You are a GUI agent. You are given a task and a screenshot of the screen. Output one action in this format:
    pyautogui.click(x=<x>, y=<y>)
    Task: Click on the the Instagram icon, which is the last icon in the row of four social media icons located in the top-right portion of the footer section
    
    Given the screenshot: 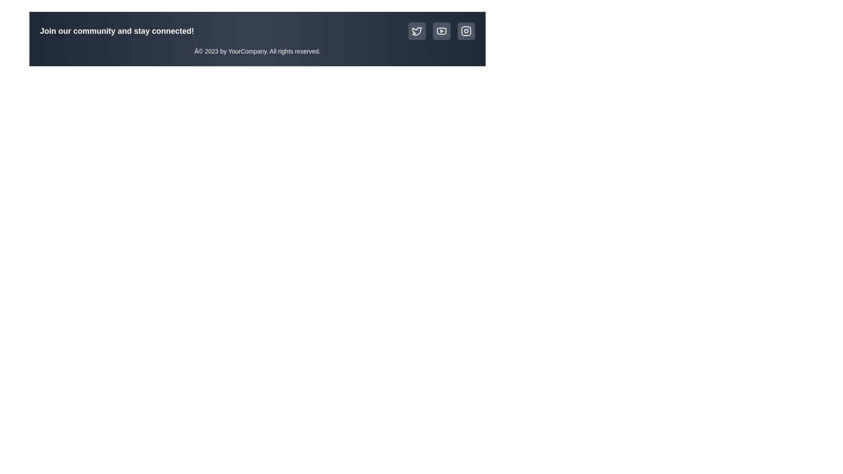 What is the action you would take?
    pyautogui.click(x=465, y=30)
    